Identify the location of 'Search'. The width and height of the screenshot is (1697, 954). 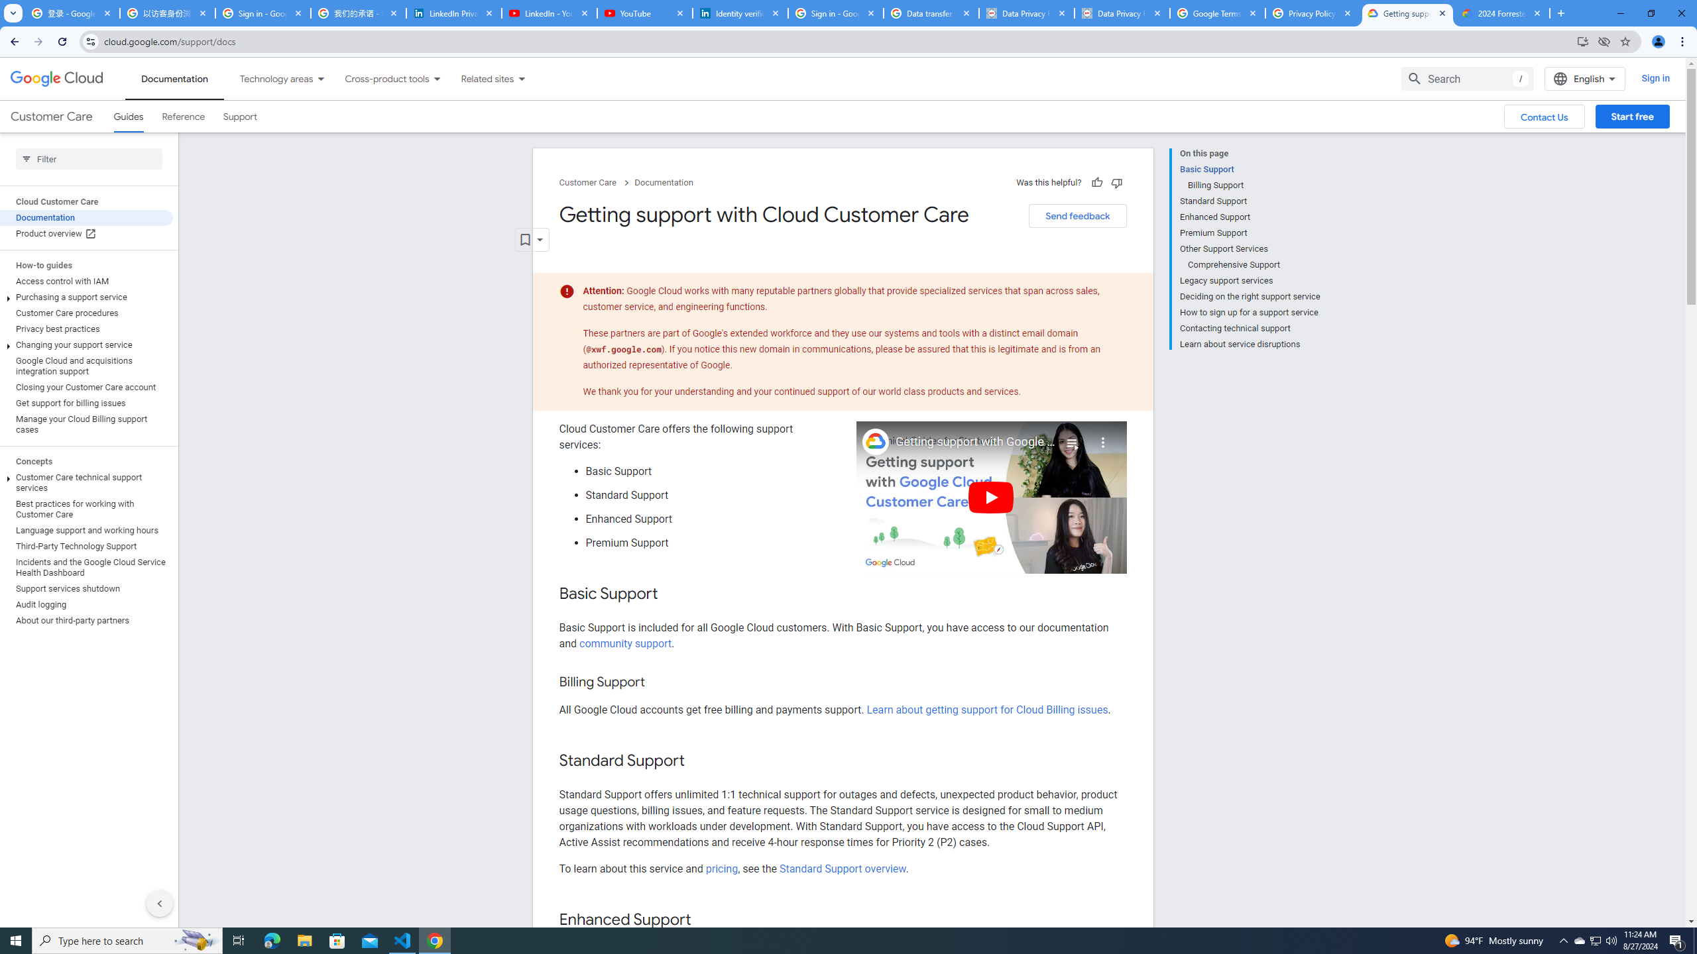
(1467, 78).